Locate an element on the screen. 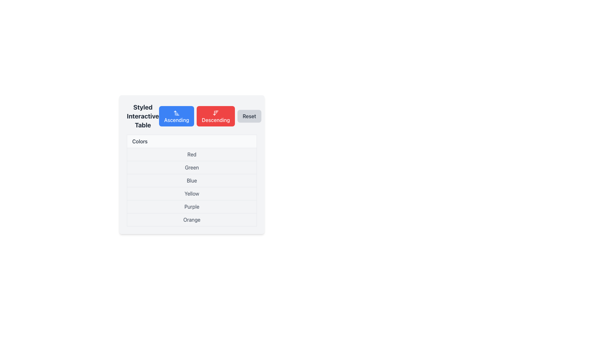  the text label displaying 'Yellow' in the 'Colors' section of the table, which is the fourth item in the list is located at coordinates (191, 193).